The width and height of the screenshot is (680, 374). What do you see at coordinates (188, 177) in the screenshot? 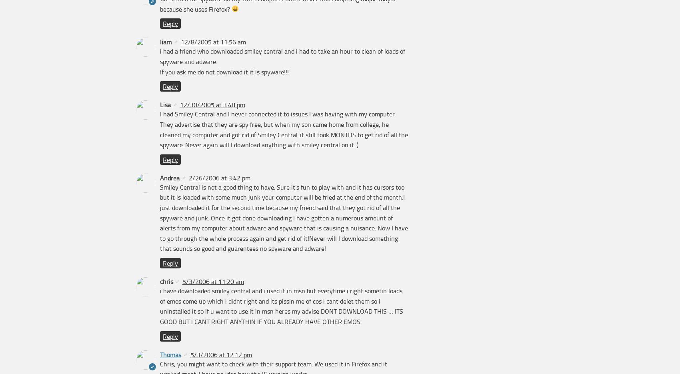
I see `'2/26/2006 at 3:42 pm'` at bounding box center [188, 177].